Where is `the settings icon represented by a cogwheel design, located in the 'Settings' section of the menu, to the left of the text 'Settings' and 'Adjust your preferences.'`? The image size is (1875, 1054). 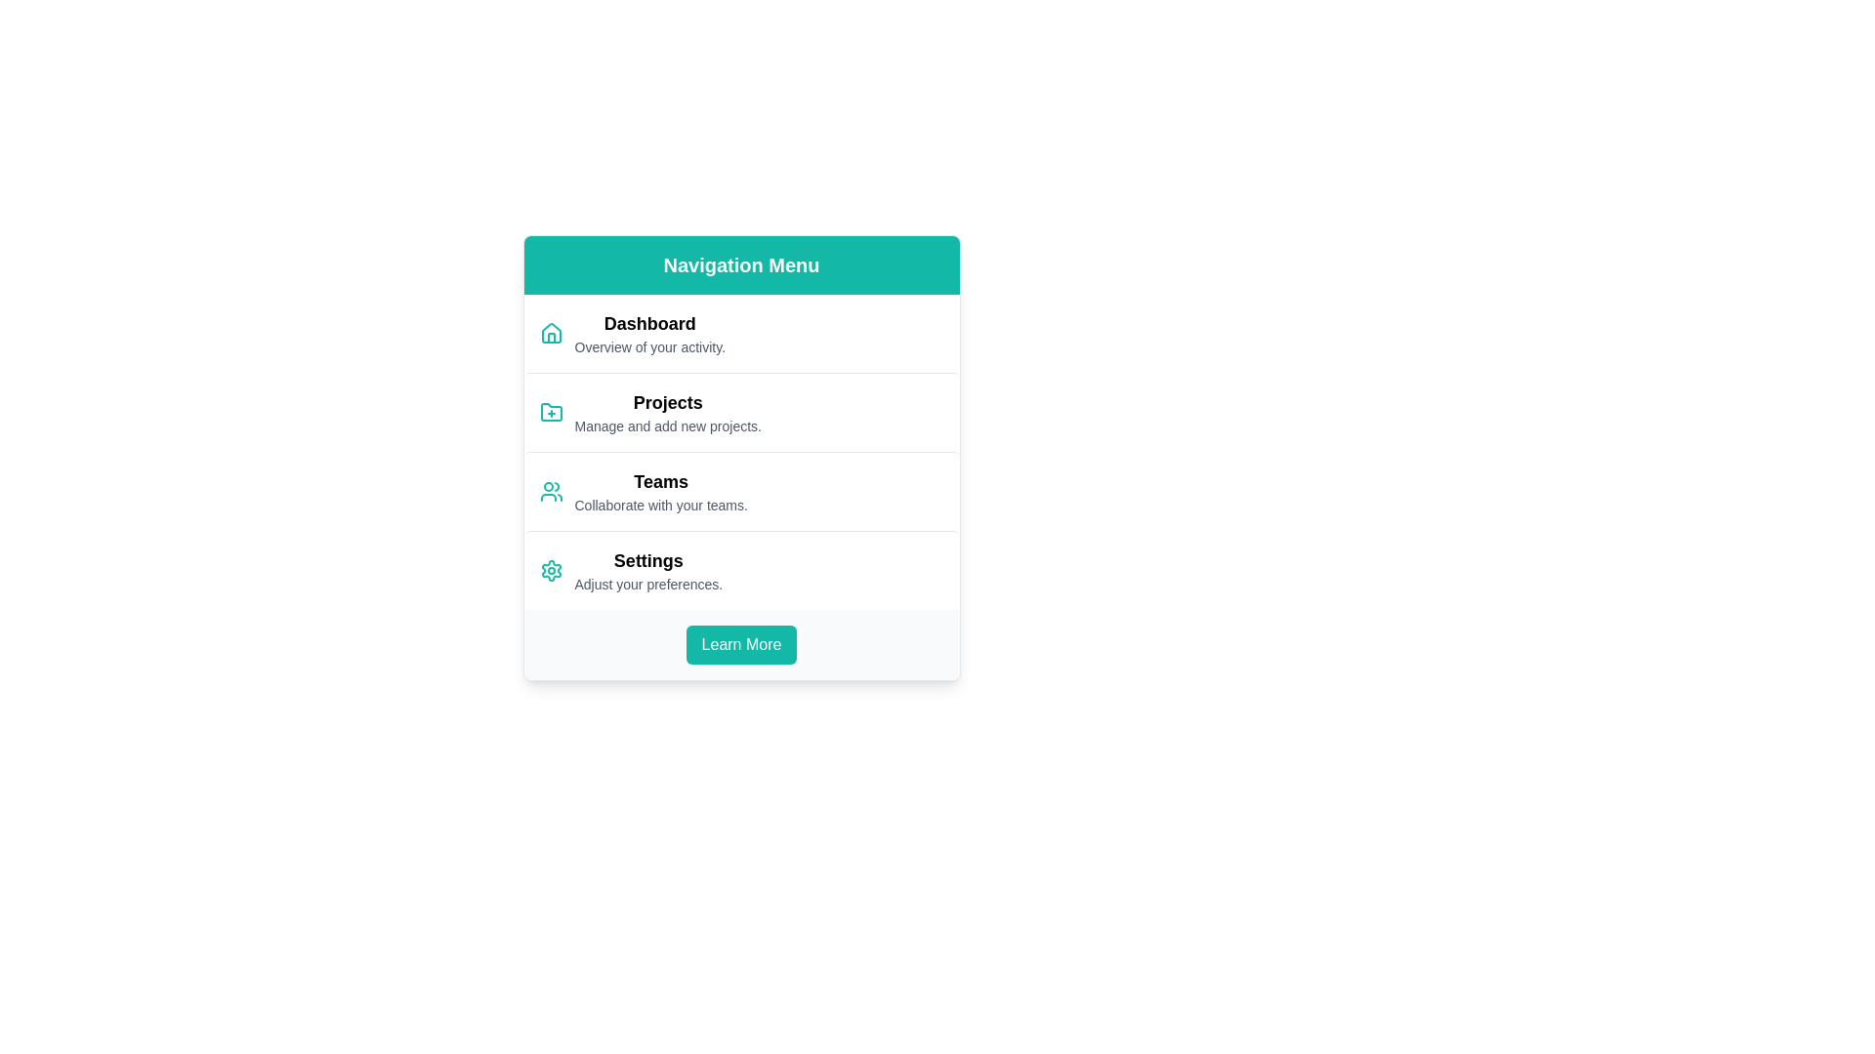 the settings icon represented by a cogwheel design, located in the 'Settings' section of the menu, to the left of the text 'Settings' and 'Adjust your preferences.' is located at coordinates (550, 571).